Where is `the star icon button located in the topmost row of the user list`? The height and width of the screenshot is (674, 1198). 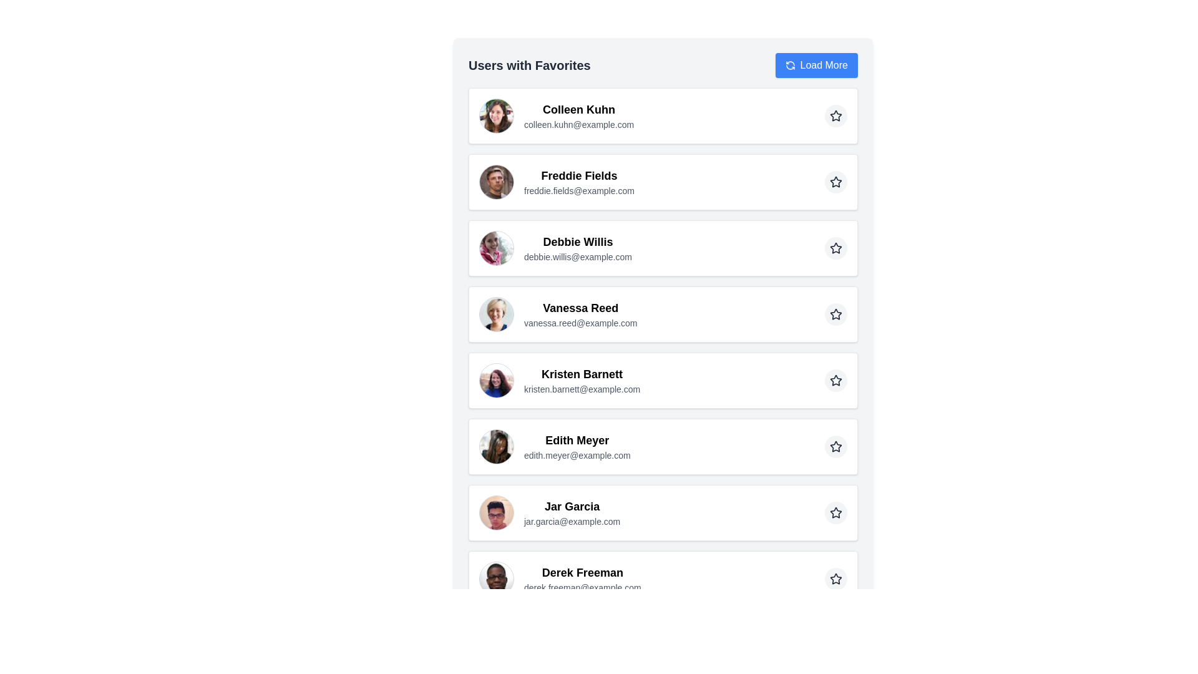
the star icon button located in the topmost row of the user list is located at coordinates (835, 115).